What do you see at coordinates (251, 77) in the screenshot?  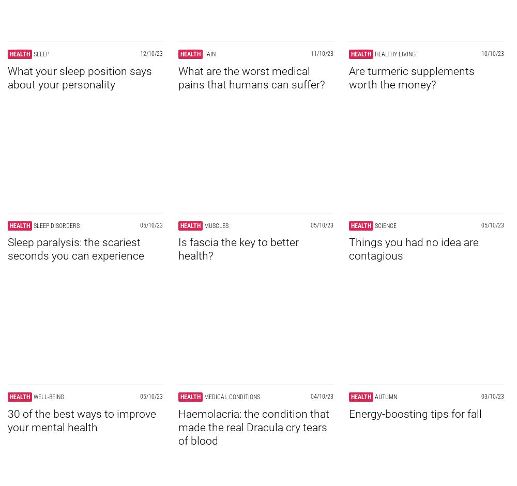 I see `'What are the worst medical pains that humans can suffer?'` at bounding box center [251, 77].